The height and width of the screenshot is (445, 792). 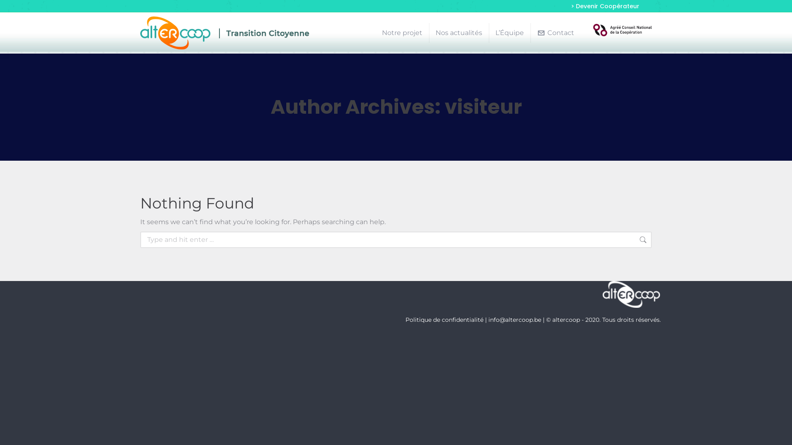 I want to click on 'info@altercoop.be', so click(x=514, y=319).